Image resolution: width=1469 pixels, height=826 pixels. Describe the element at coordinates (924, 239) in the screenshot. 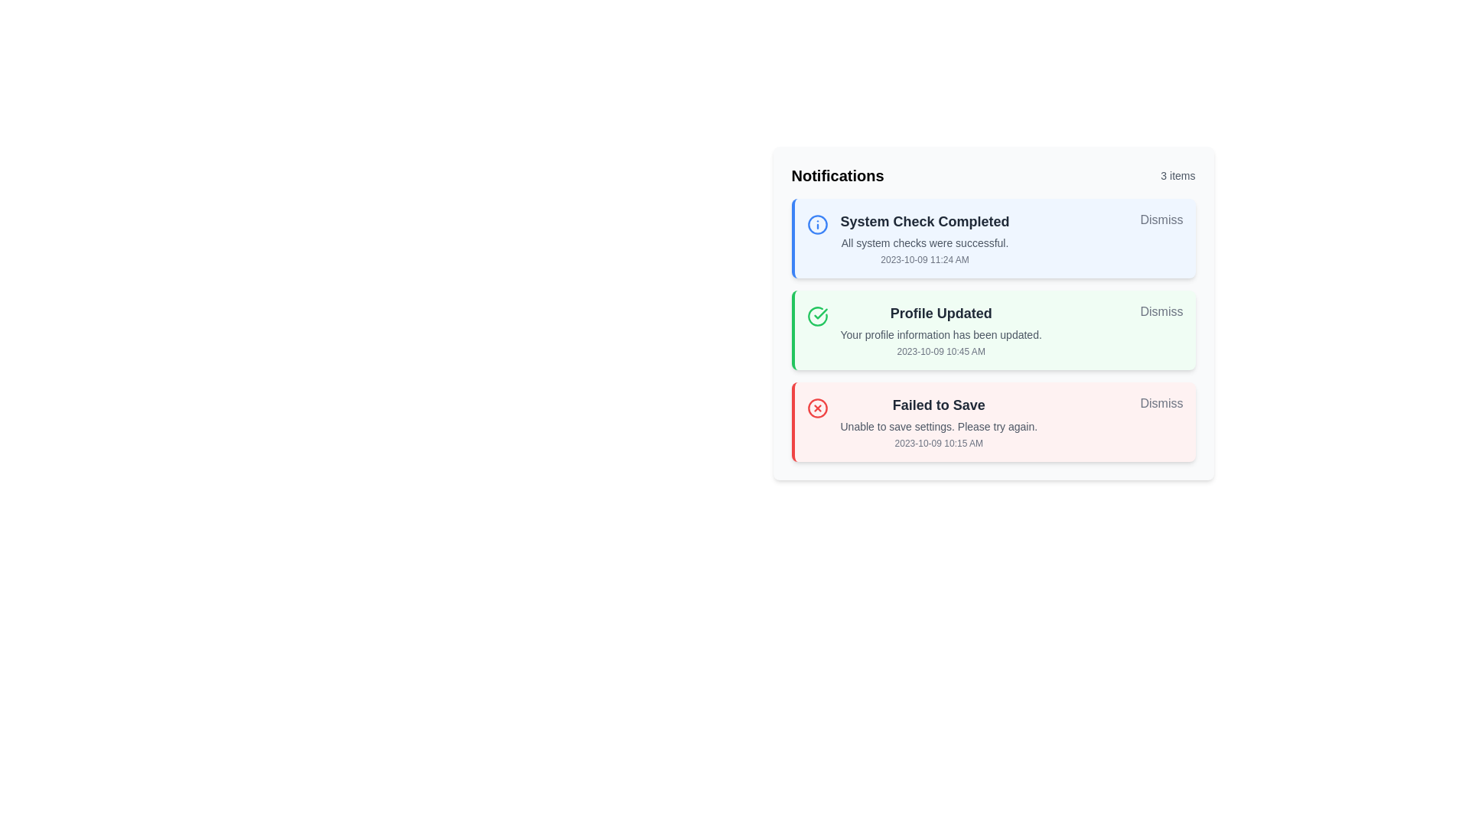

I see `information presented in the first notification entry of the notification card that indicates successful completion of a system check, which includes a title, subtitle, and timestamp` at that location.